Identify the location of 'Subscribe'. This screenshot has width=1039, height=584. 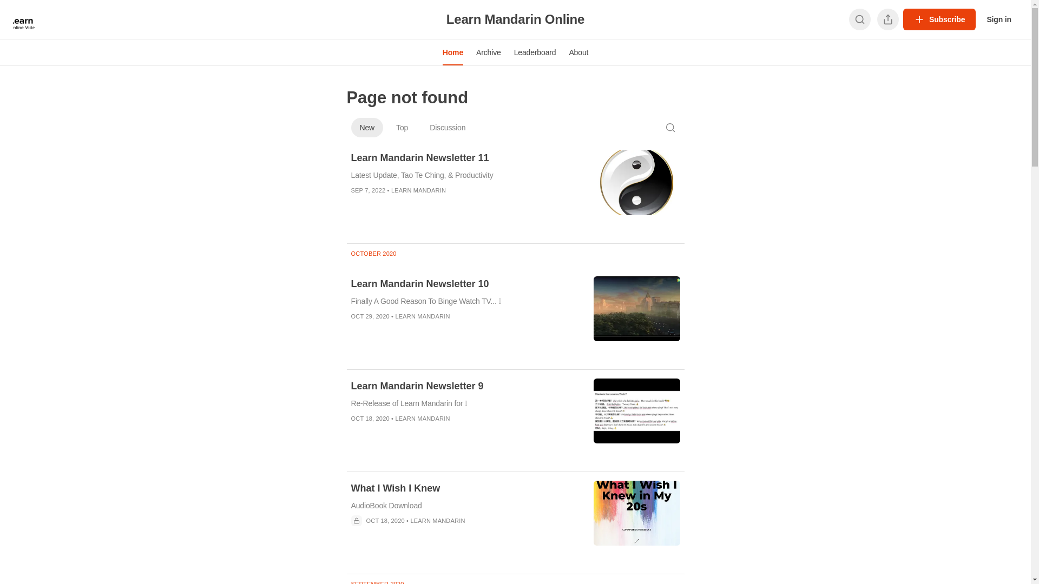
(939, 19).